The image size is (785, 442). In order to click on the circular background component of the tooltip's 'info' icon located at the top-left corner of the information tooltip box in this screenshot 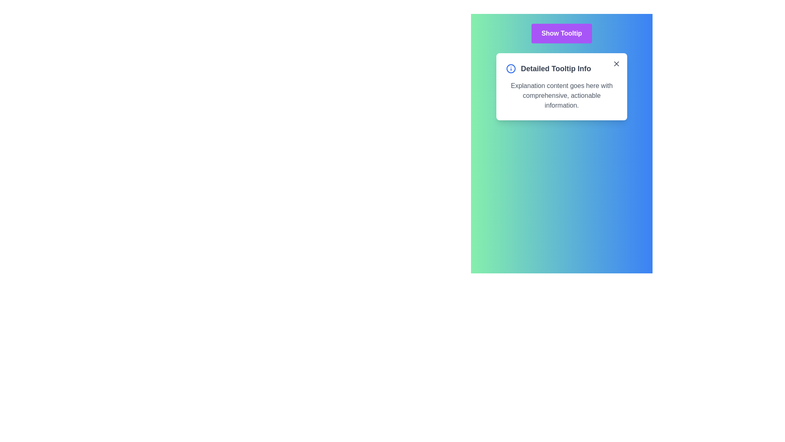, I will do `click(510, 68)`.